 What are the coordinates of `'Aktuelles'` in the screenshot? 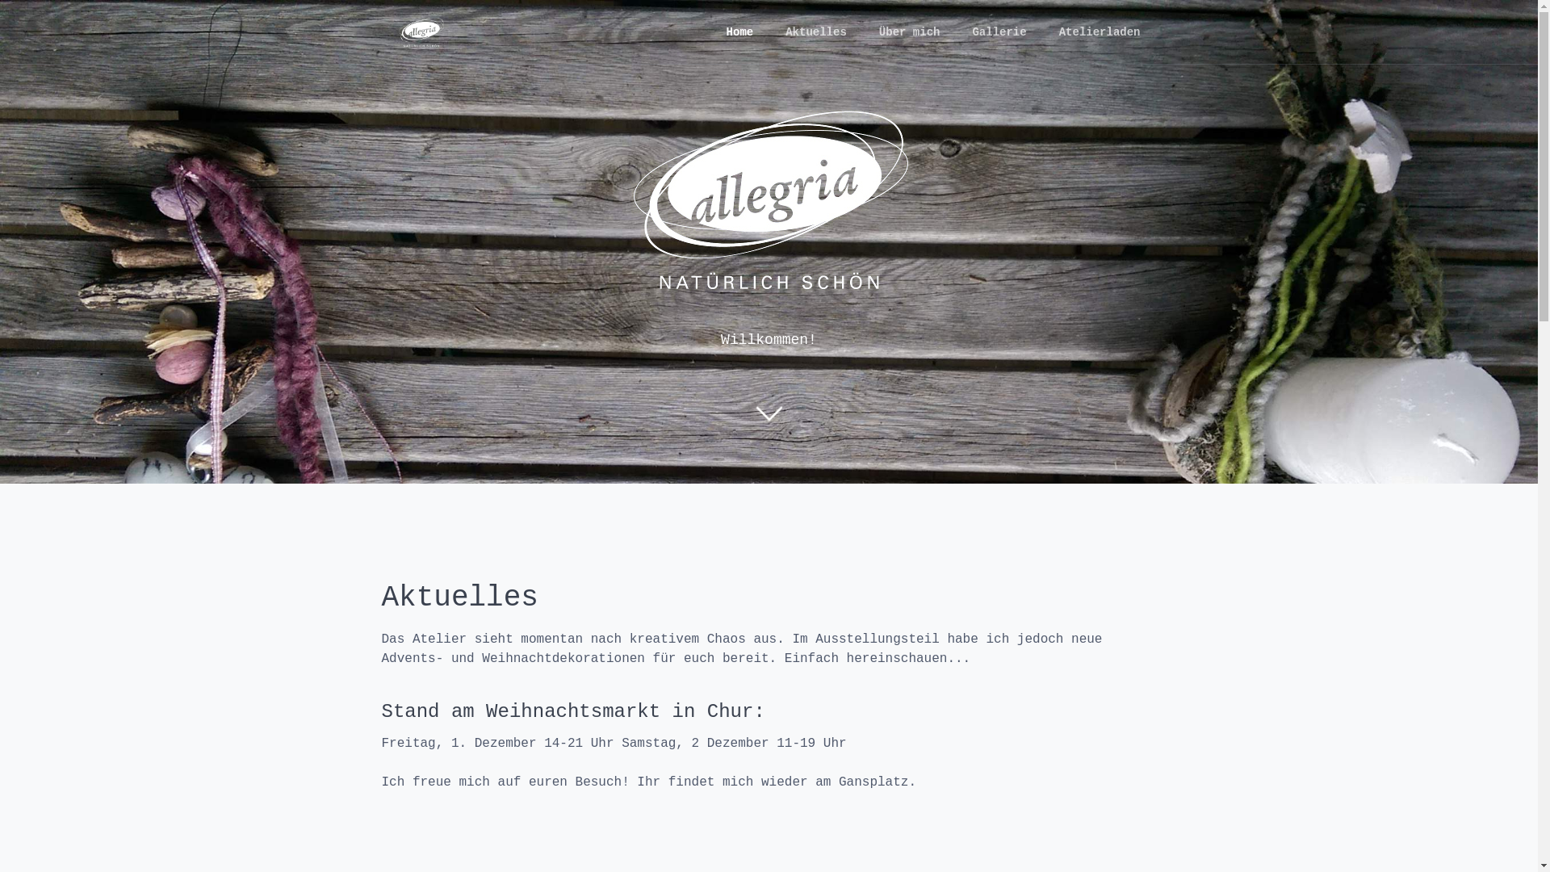 It's located at (769, 31).